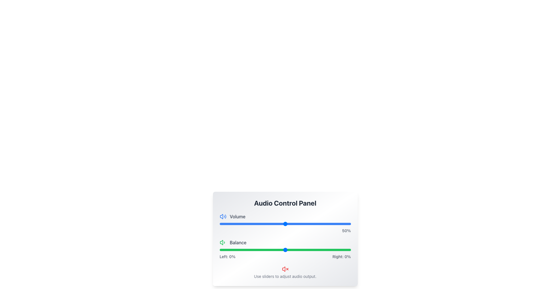 This screenshot has height=305, width=543. I want to click on the Volume control icon located at the top-left corner of the audio control interface, so click(223, 216).